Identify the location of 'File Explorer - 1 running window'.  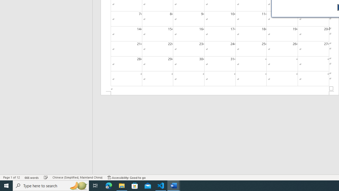
(122, 185).